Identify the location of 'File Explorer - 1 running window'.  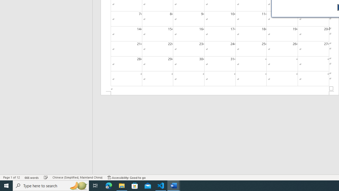
(122, 185).